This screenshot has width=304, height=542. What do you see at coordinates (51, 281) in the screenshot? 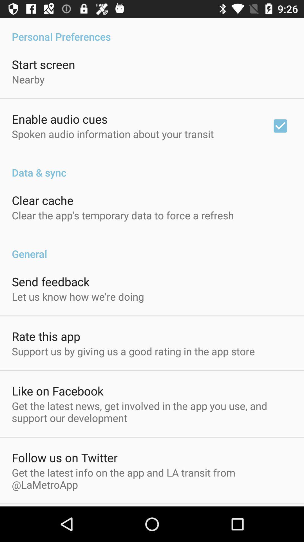
I see `item below the general` at bounding box center [51, 281].